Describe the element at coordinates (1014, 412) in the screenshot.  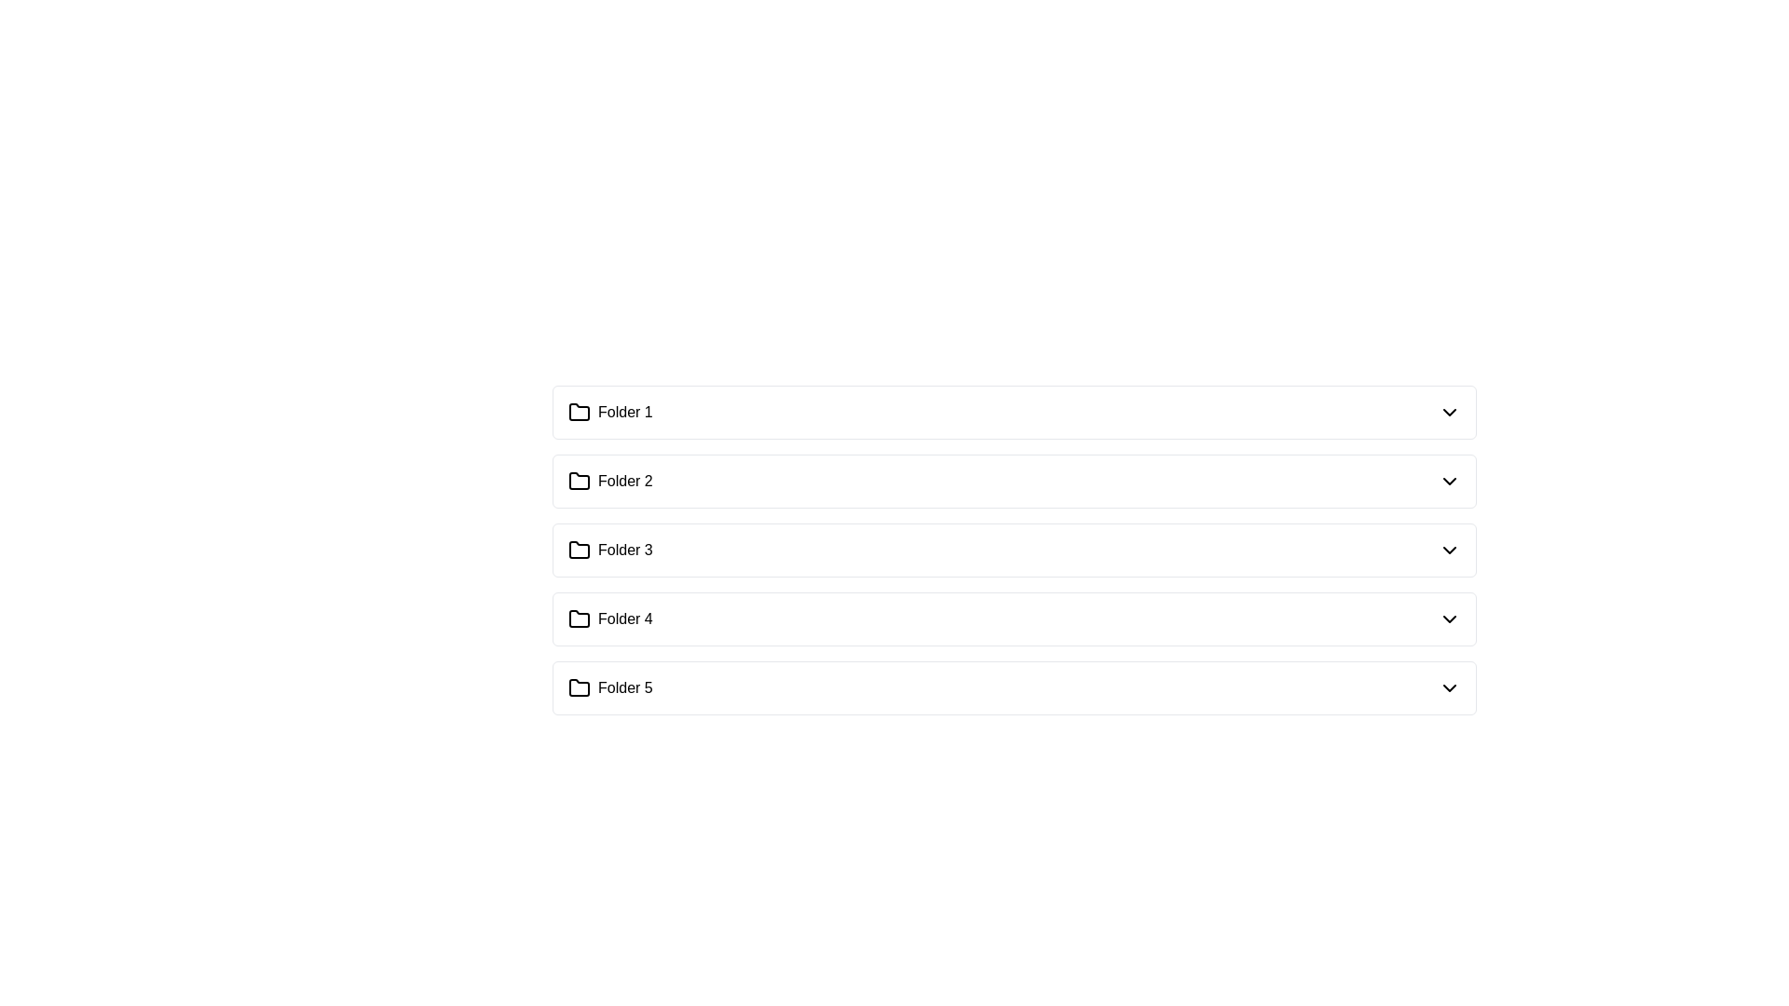
I see `the first List Item labeled 'Folder 1'` at that location.